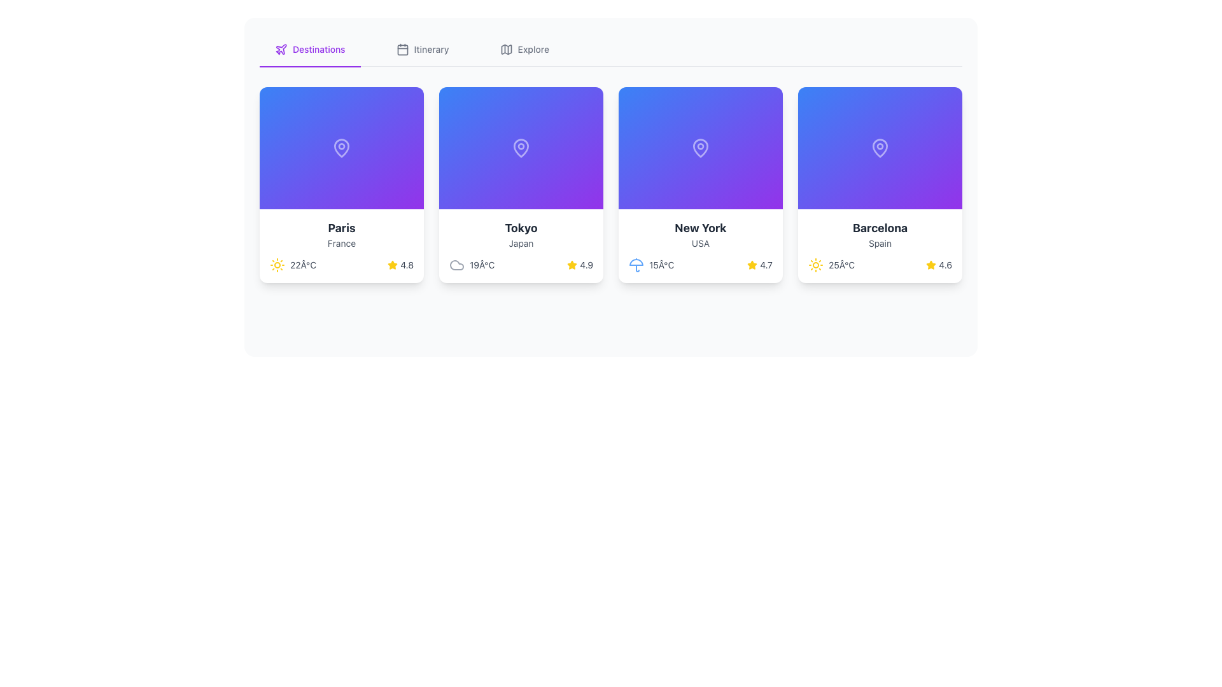  What do you see at coordinates (699, 146) in the screenshot?
I see `the map pin icon representing 'New York, USA' located at the upper portion of the purple card` at bounding box center [699, 146].